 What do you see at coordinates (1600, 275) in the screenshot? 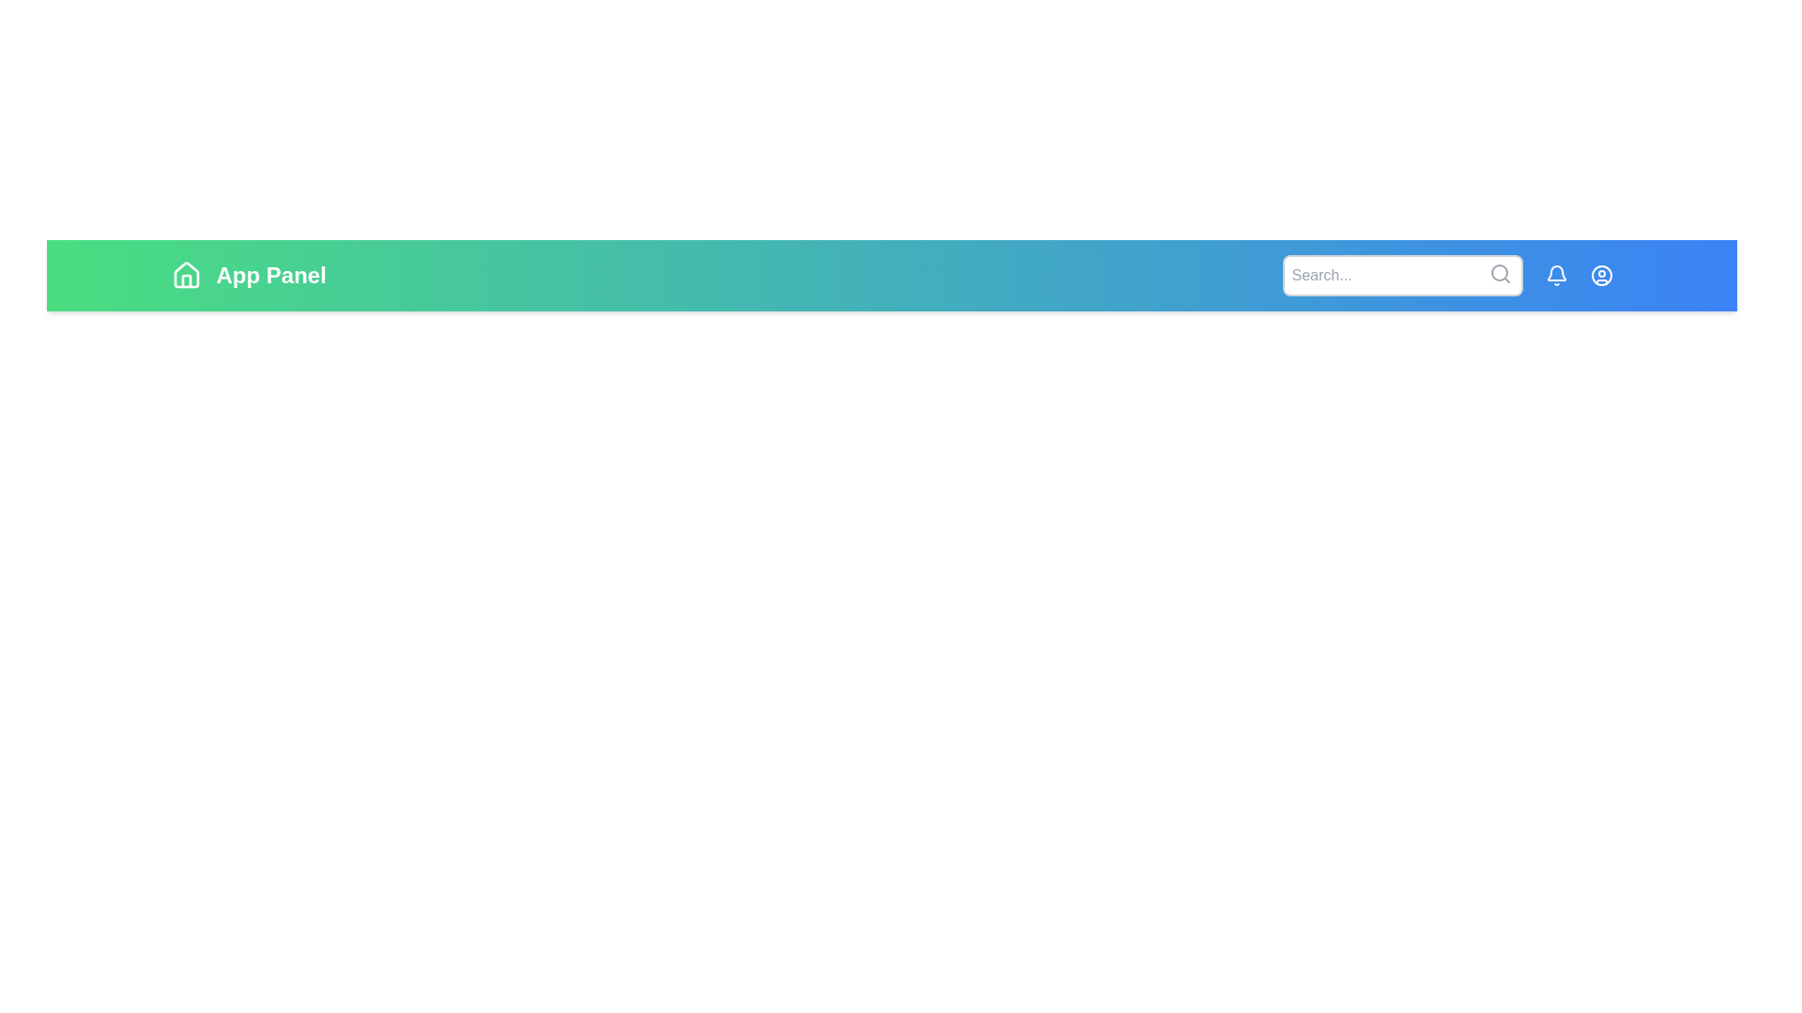
I see `the user profile icon` at bounding box center [1600, 275].